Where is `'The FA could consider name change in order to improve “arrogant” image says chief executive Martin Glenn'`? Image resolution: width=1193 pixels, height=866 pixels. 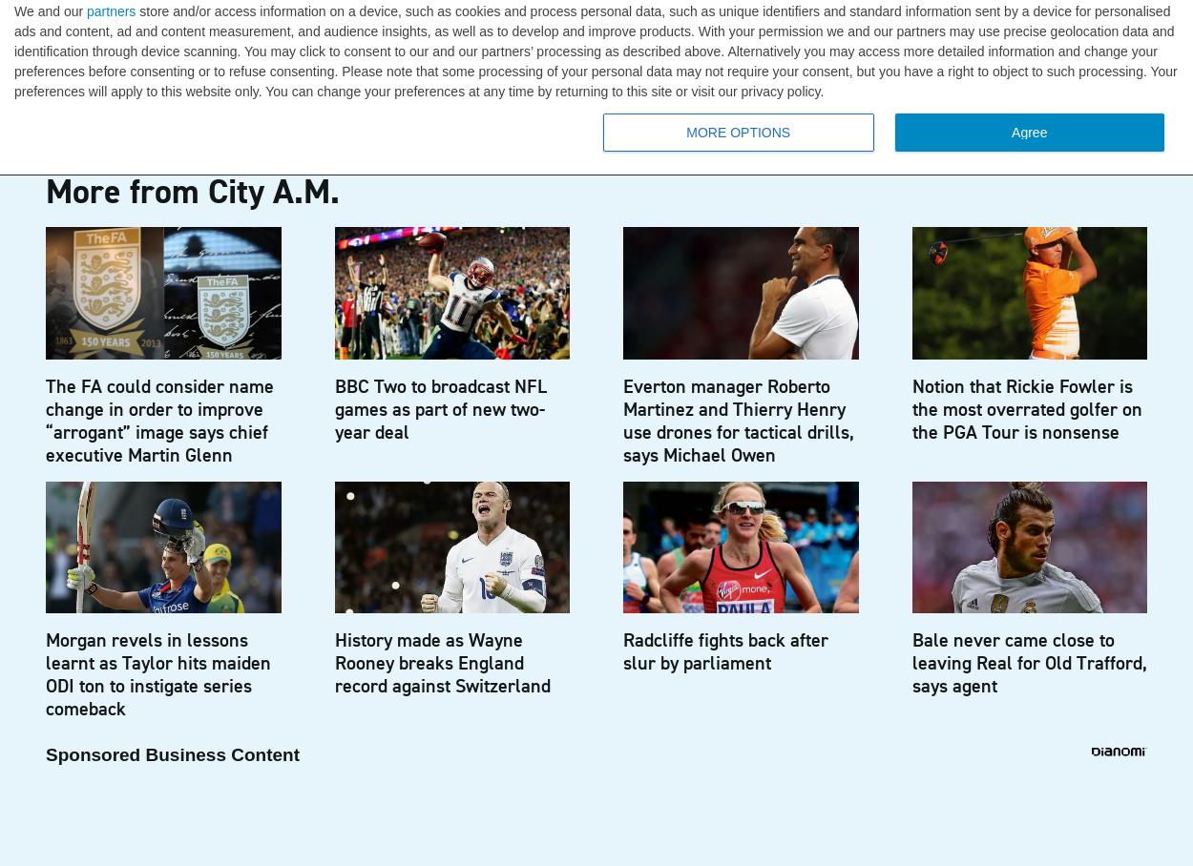
'The FA could consider name change in order to improve “arrogant” image says chief executive Martin Glenn' is located at coordinates (159, 420).